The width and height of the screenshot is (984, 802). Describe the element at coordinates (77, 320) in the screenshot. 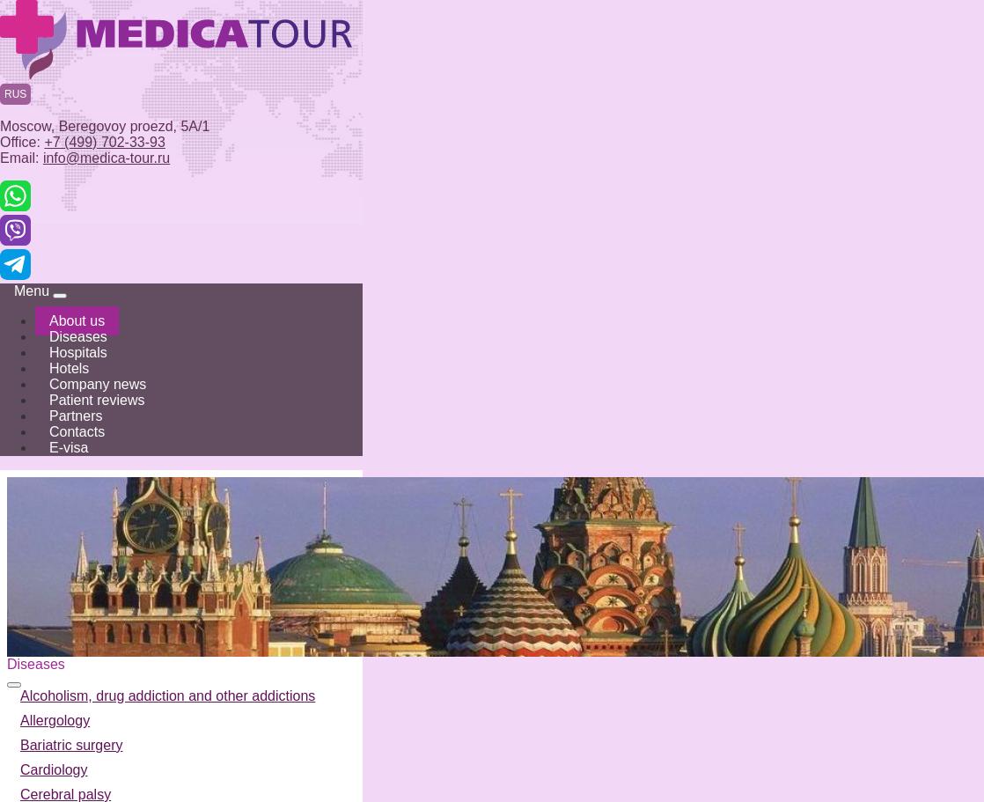

I see `'About us'` at that location.